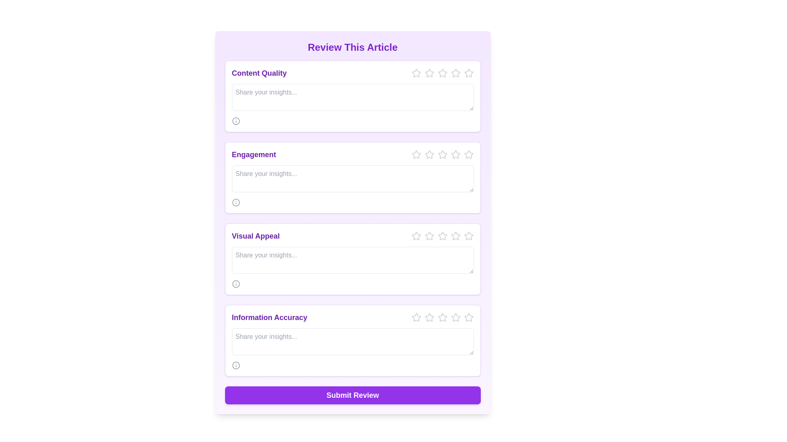 This screenshot has width=787, height=442. Describe the element at coordinates (429, 155) in the screenshot. I see `the second star icon in the rating row for 'Engagement' to visually scale the icon` at that location.